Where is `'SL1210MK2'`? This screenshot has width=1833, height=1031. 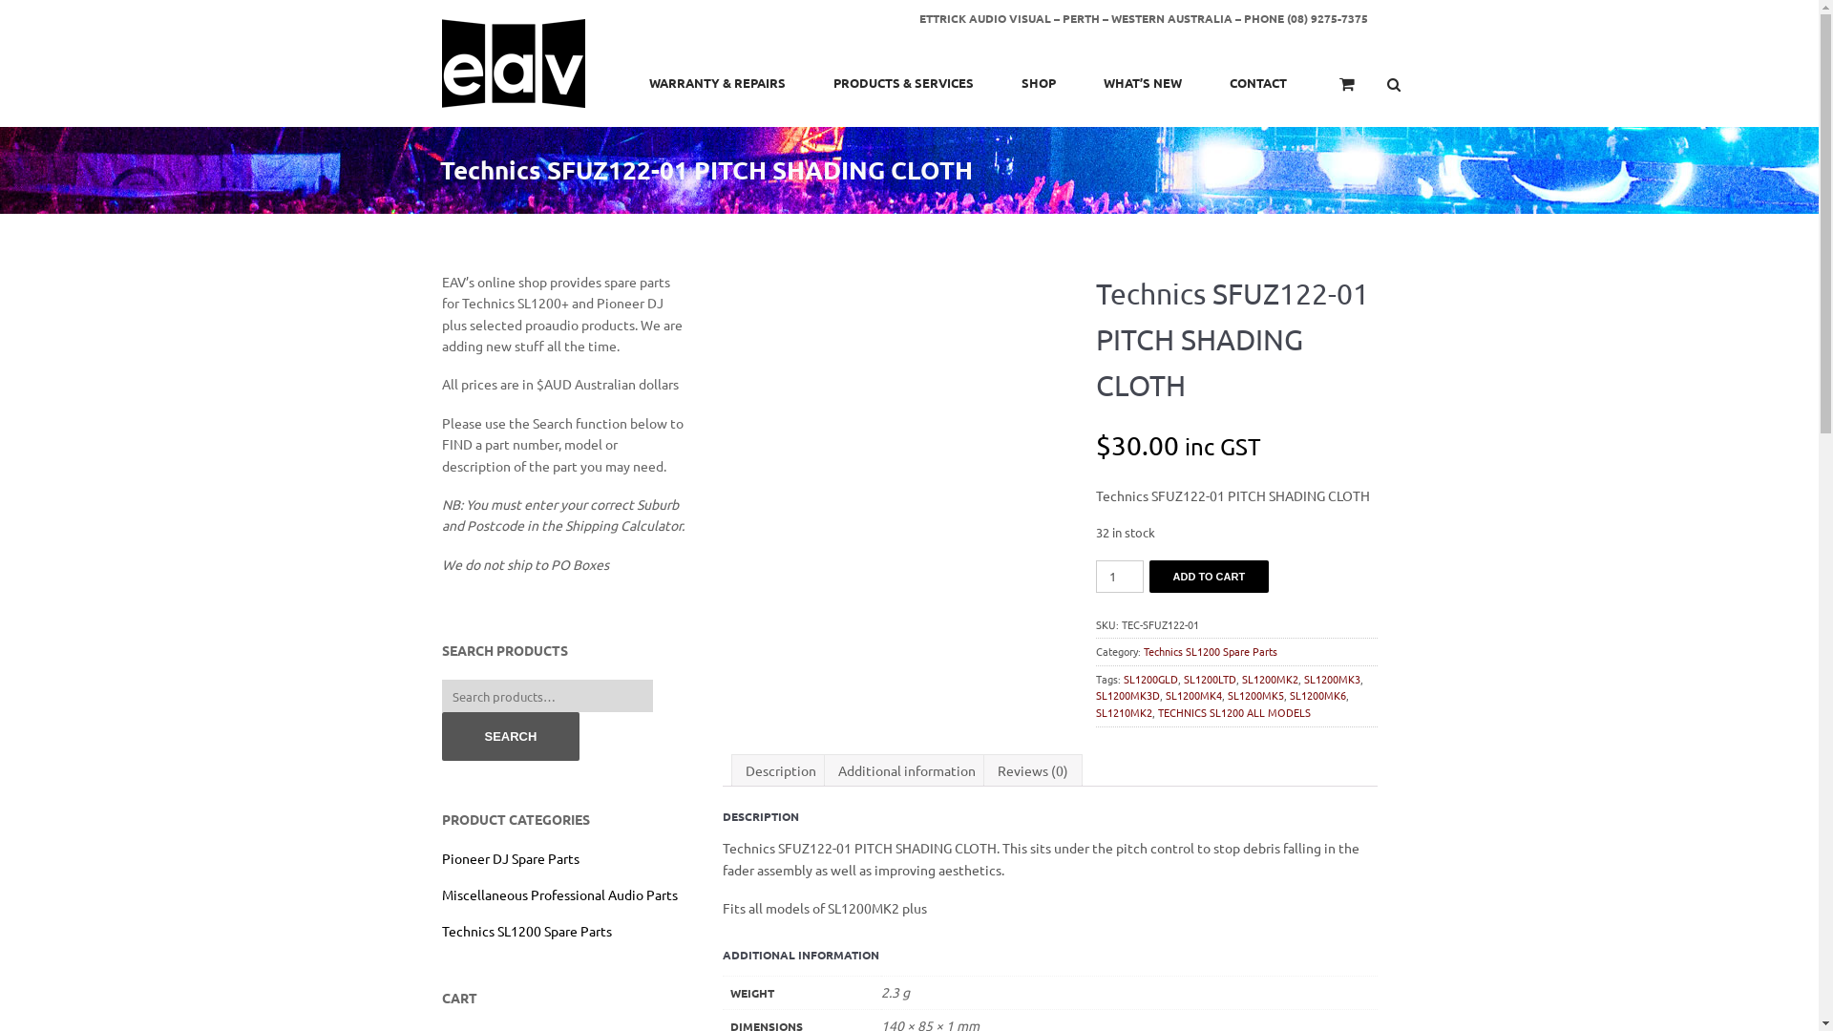
'SL1210MK2' is located at coordinates (1124, 711).